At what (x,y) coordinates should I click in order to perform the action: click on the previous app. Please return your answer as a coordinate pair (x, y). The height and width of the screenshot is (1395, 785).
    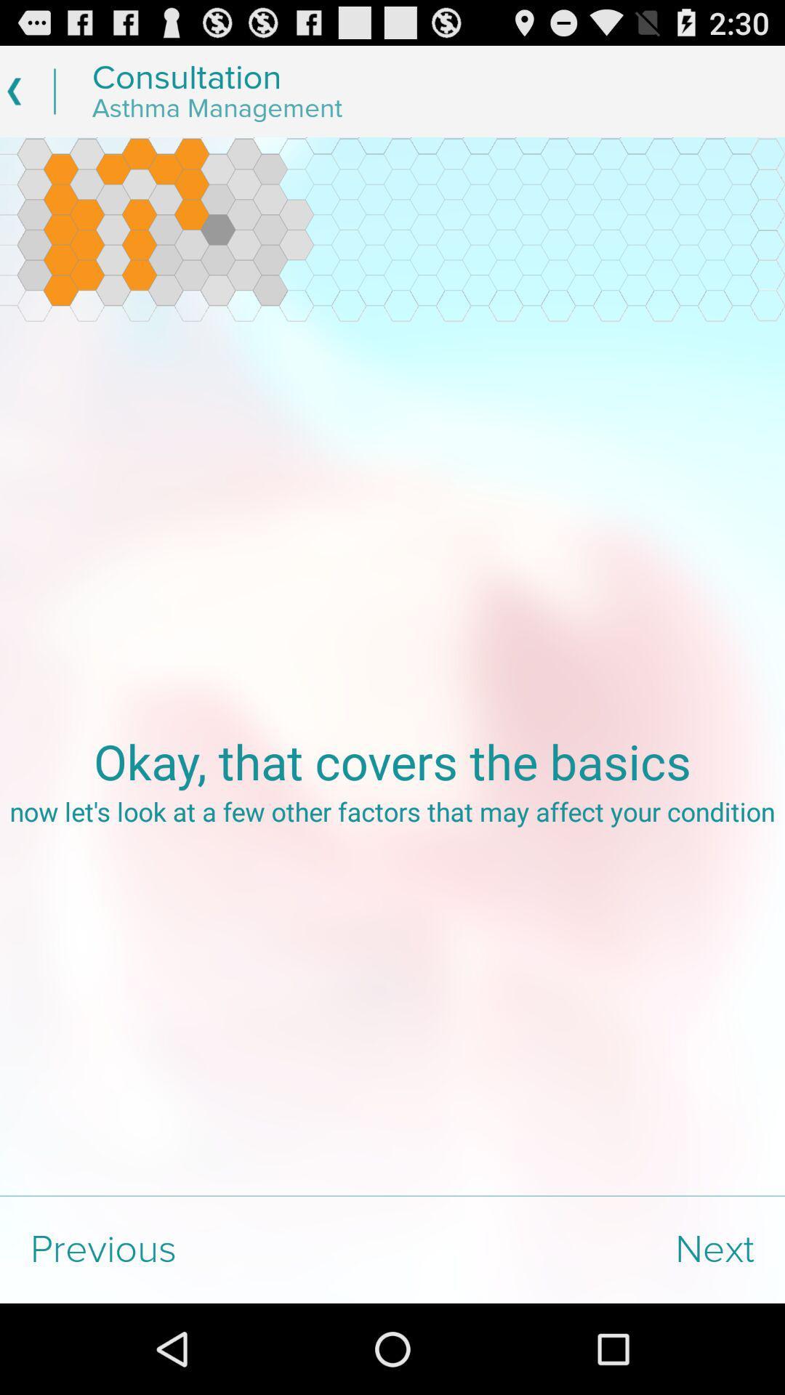
    Looking at the image, I should click on (196, 1249).